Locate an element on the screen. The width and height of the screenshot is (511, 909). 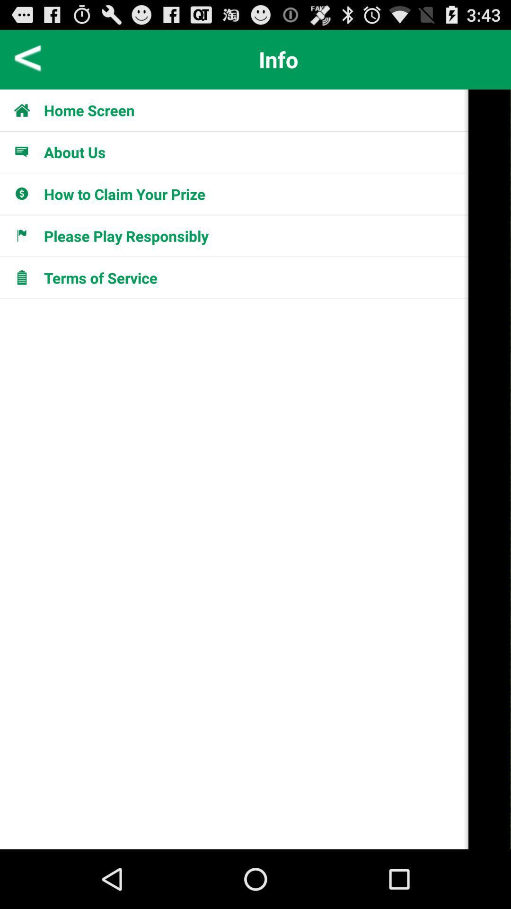
icon to the left of the home screen app is located at coordinates (26, 110).